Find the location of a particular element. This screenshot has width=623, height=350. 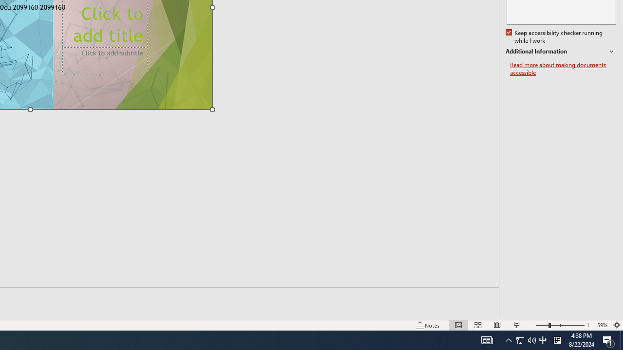

'Additional Information' is located at coordinates (561, 52).